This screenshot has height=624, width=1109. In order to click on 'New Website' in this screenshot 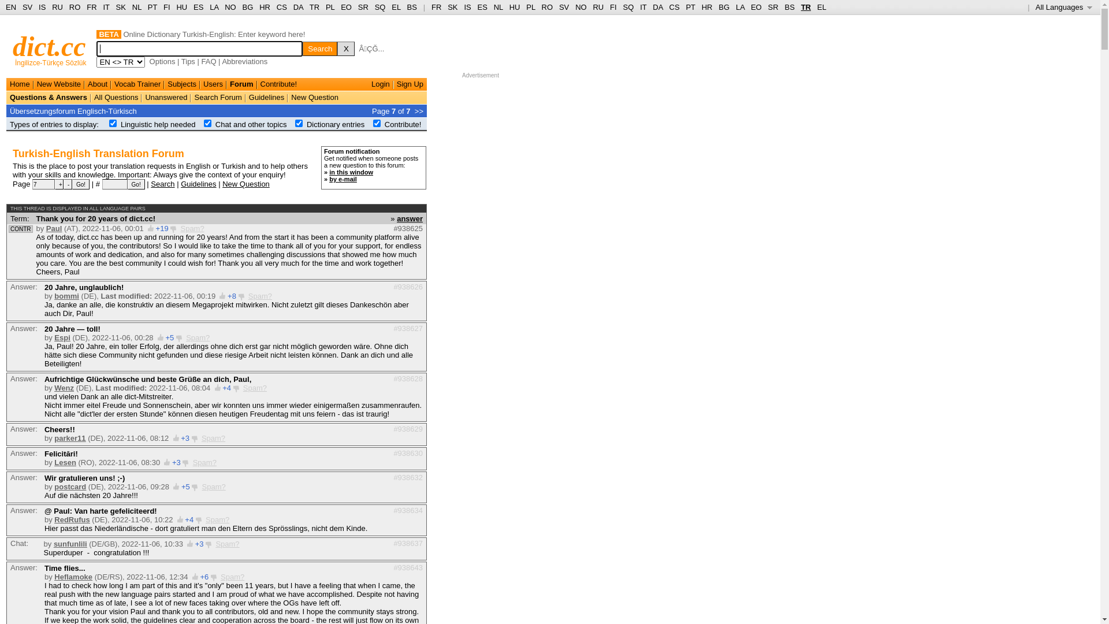, I will do `click(36, 83)`.